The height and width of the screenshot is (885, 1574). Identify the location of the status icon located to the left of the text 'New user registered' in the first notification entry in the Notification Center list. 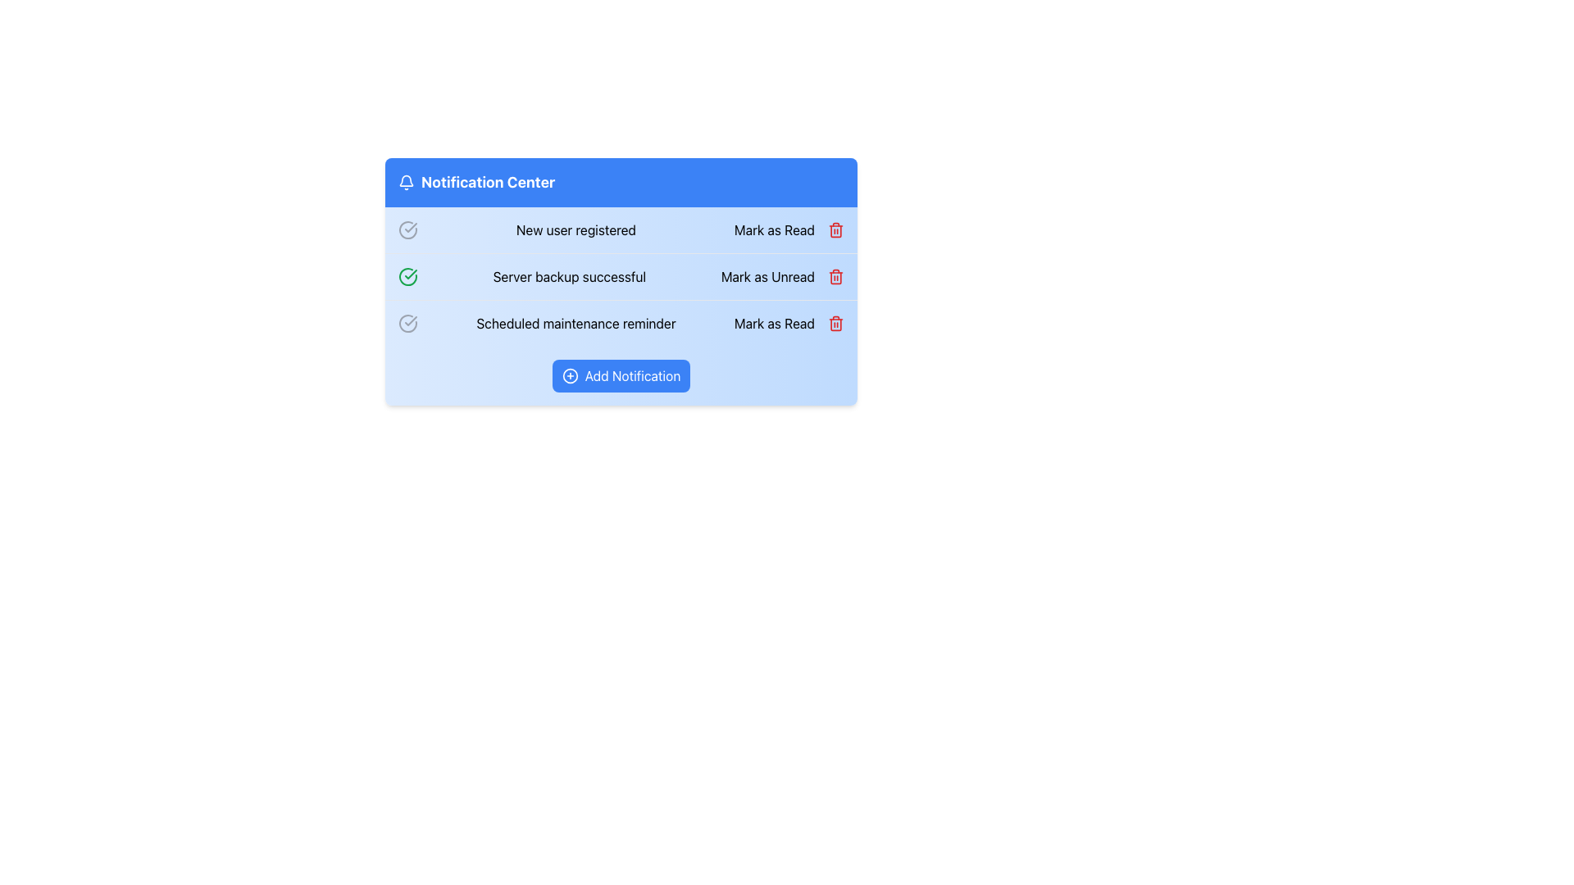
(408, 230).